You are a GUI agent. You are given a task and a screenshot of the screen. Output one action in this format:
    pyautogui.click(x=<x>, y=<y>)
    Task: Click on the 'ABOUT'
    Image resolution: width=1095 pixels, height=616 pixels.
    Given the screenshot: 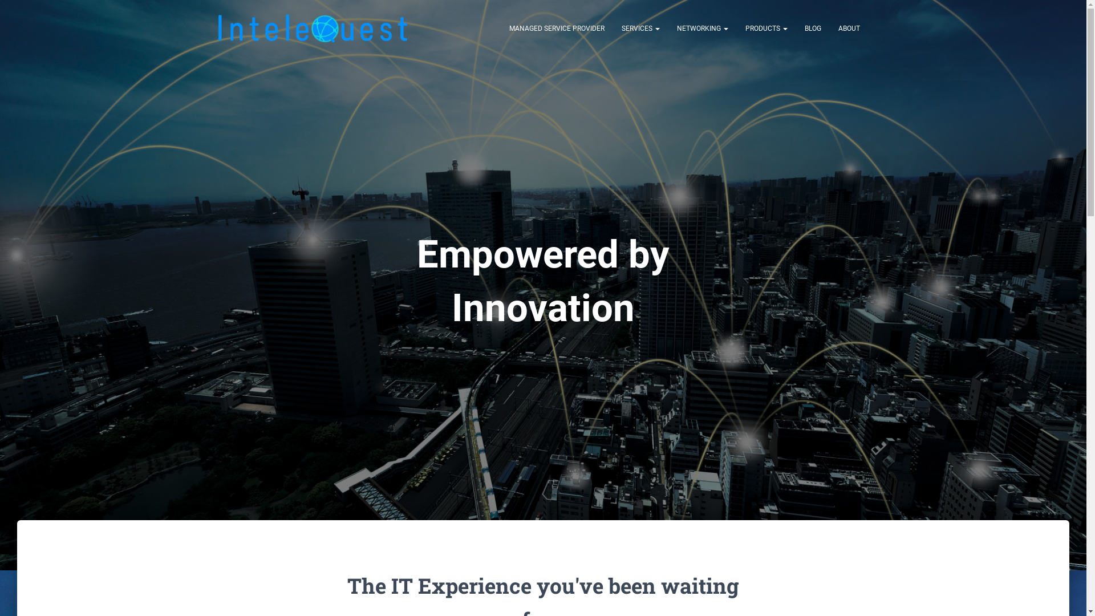 What is the action you would take?
    pyautogui.click(x=849, y=28)
    